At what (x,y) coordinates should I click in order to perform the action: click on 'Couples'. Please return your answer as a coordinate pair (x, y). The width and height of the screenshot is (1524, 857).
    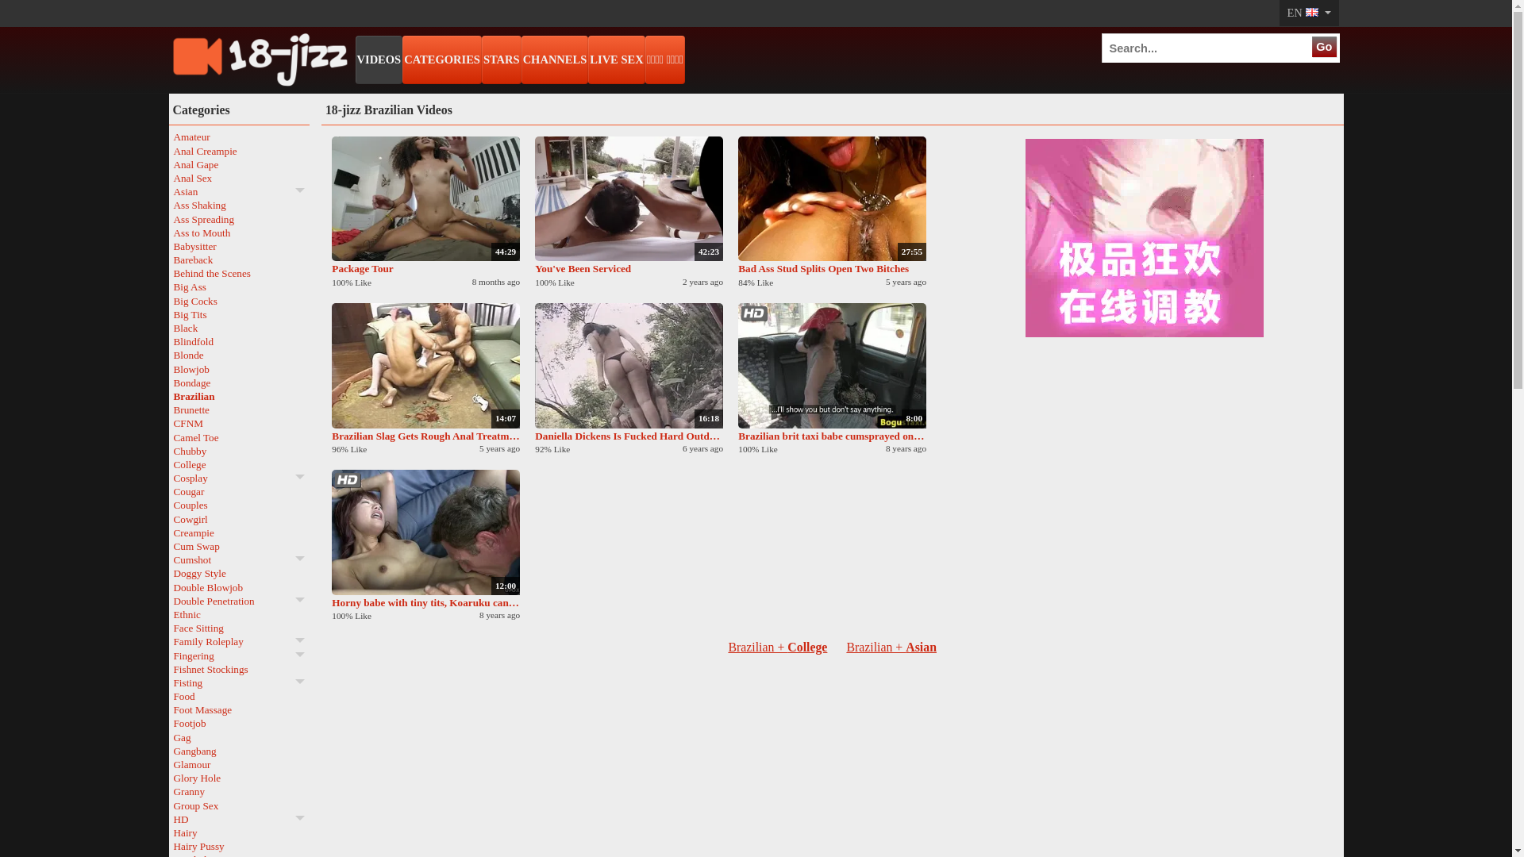
    Looking at the image, I should click on (238, 505).